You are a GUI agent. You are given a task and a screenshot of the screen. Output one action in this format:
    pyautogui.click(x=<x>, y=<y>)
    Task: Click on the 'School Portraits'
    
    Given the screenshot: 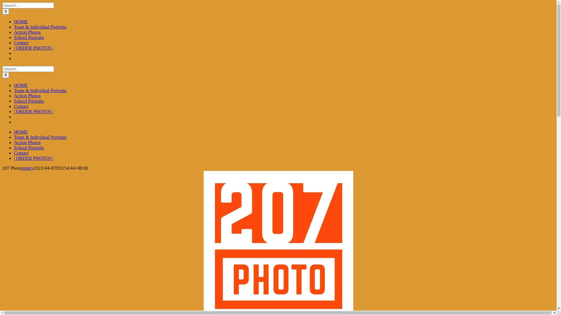 What is the action you would take?
    pyautogui.click(x=14, y=37)
    